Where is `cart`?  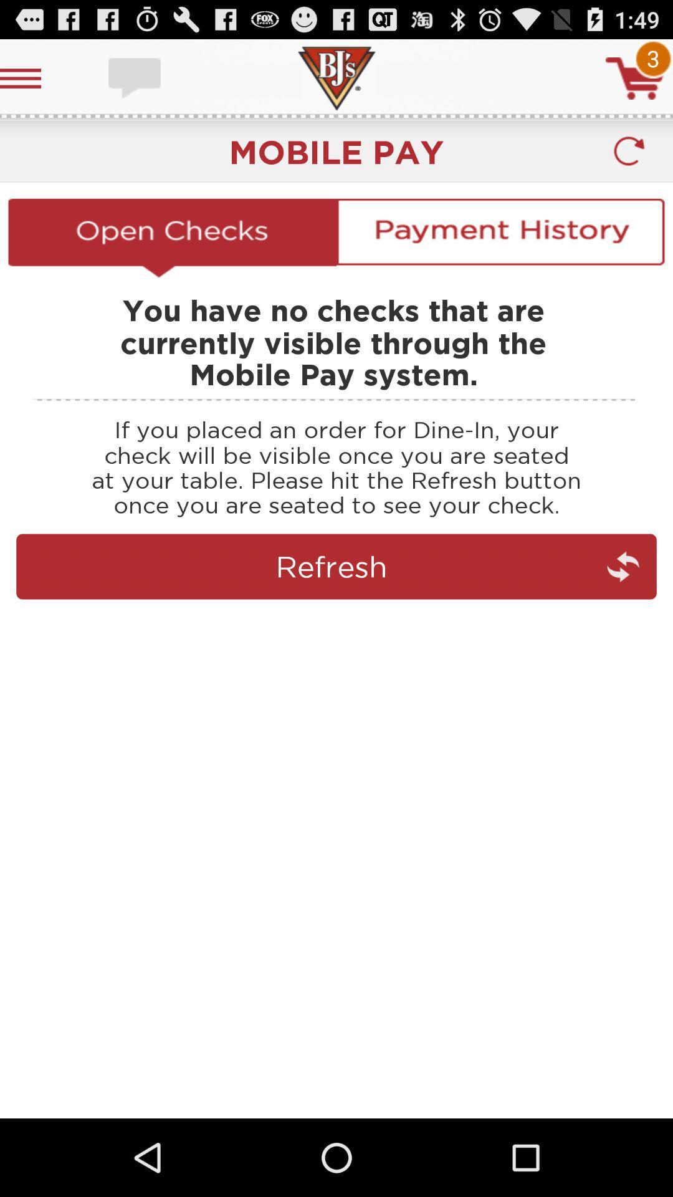 cart is located at coordinates (635, 77).